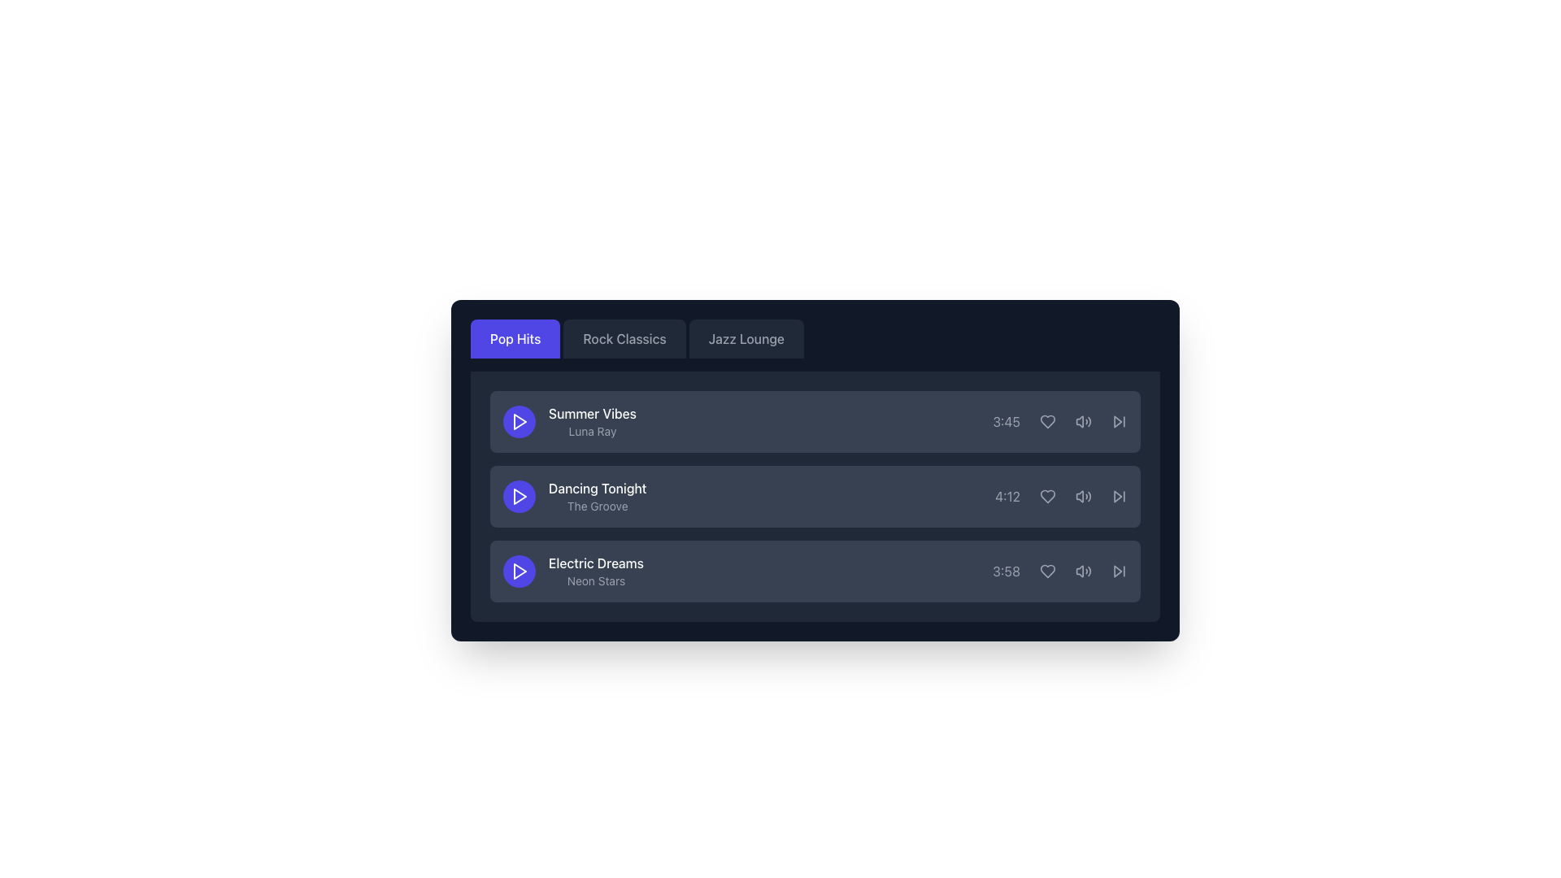 This screenshot has width=1561, height=878. Describe the element at coordinates (595, 563) in the screenshot. I see `the text label displaying 'Electric Dreams' in white, located in the third row of the list within a dark-themed interface` at that location.